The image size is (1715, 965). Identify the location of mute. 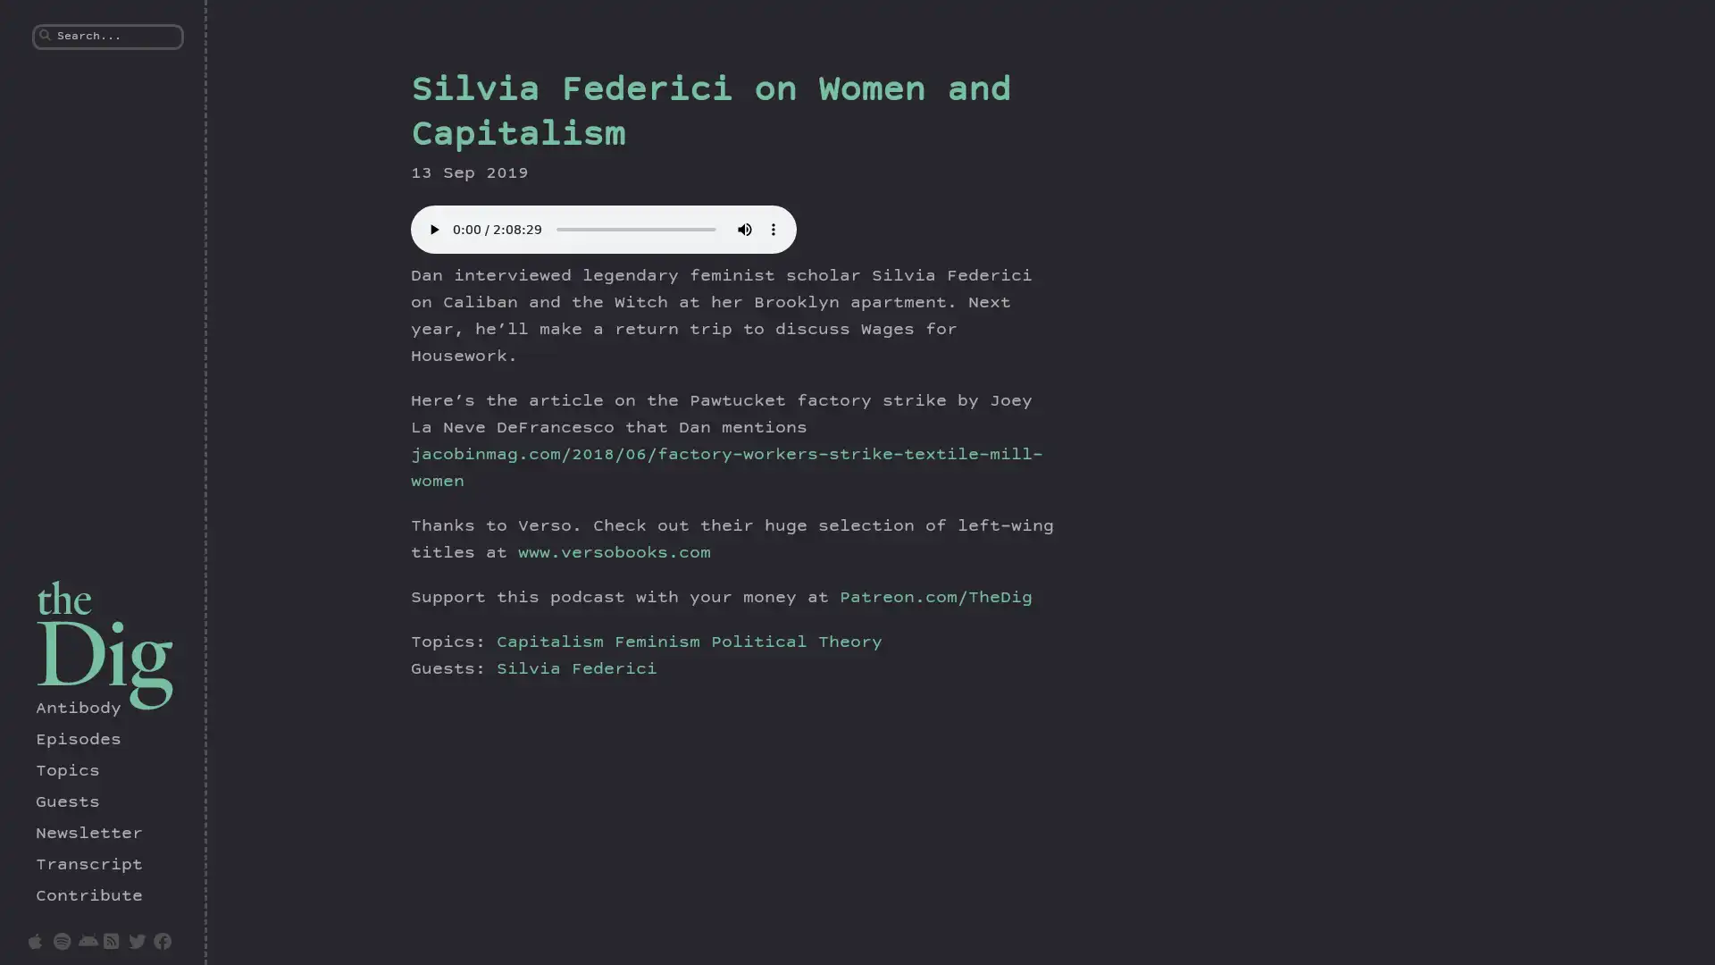
(745, 229).